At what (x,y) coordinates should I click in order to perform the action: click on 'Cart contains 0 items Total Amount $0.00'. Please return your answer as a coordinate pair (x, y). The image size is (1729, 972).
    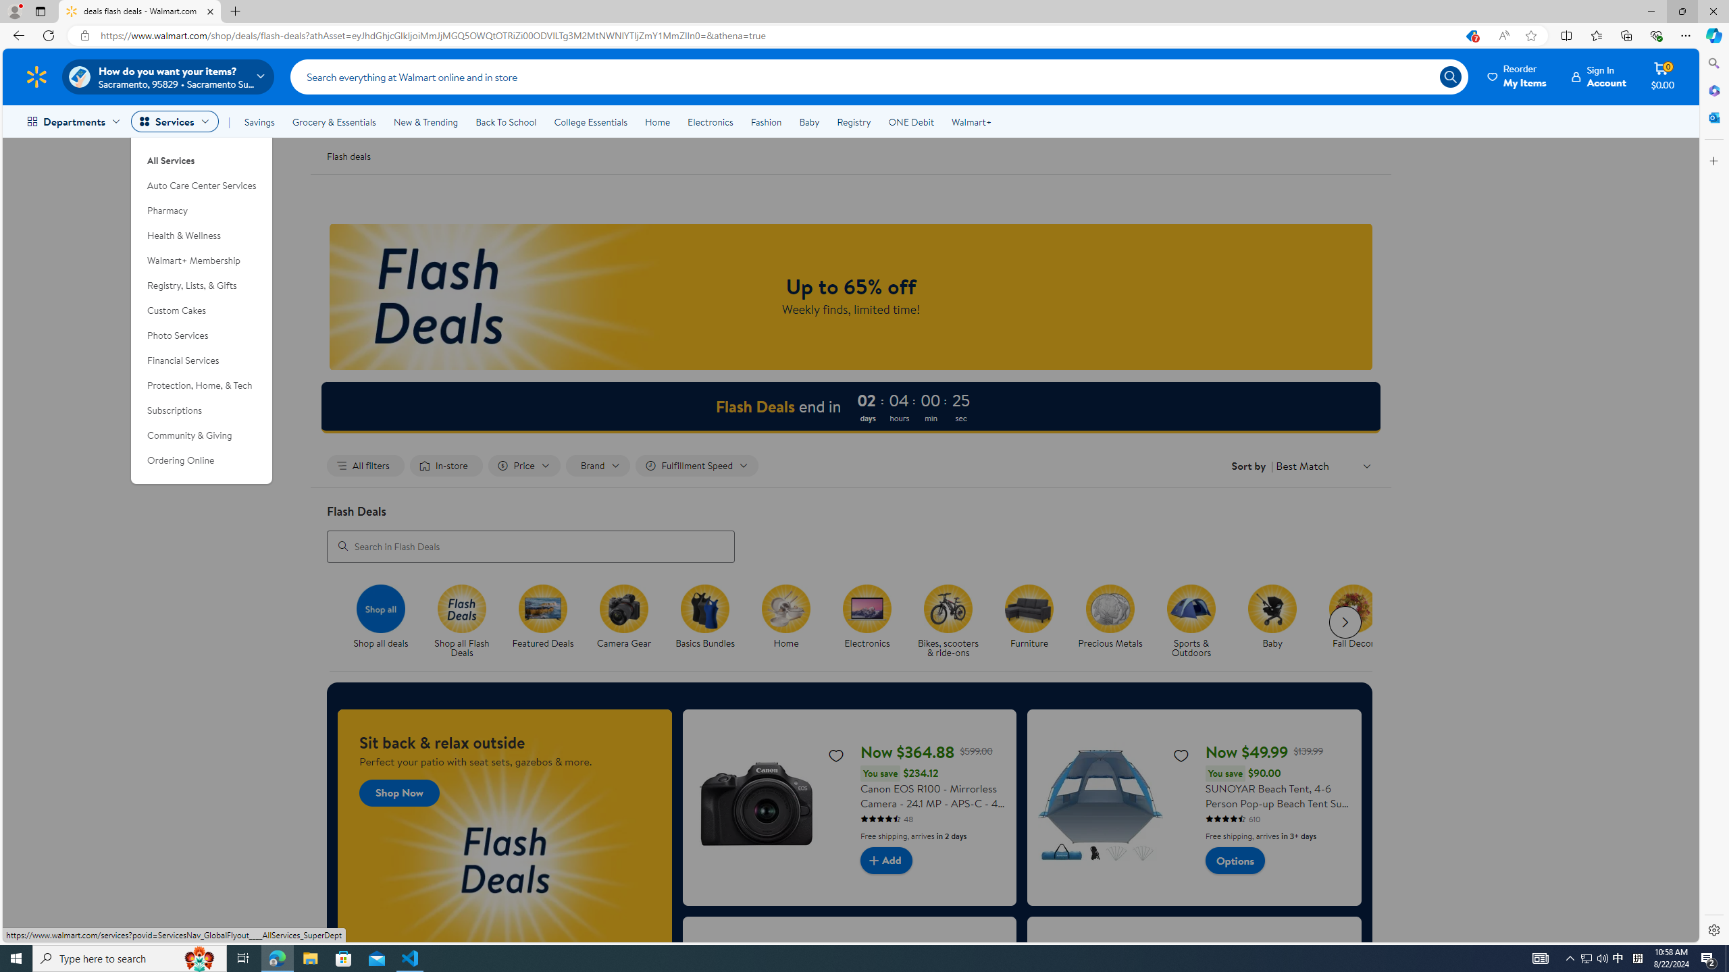
    Looking at the image, I should click on (1662, 76).